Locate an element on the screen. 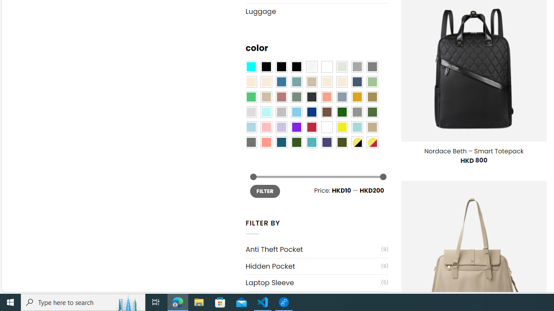 This screenshot has height=311, width=554. 'Light Green' is located at coordinates (372, 82).